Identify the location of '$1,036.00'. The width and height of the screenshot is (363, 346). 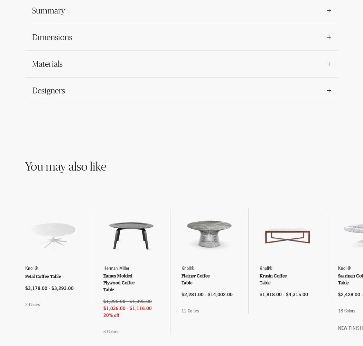
(115, 308).